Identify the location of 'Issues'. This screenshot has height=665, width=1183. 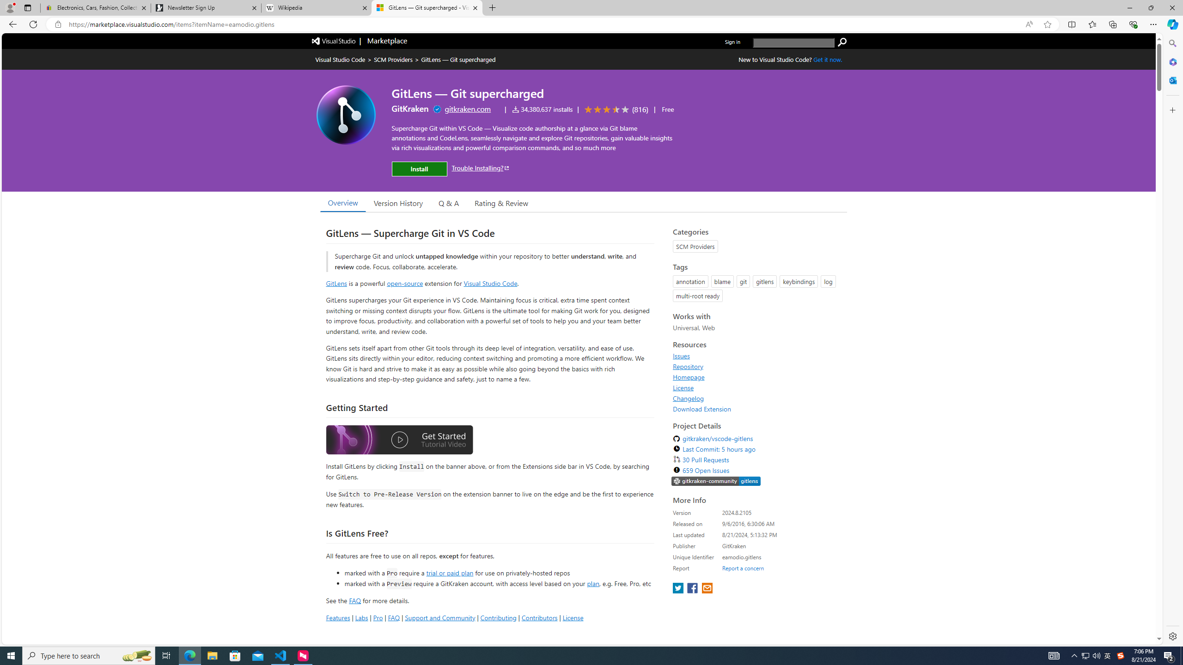
(681, 355).